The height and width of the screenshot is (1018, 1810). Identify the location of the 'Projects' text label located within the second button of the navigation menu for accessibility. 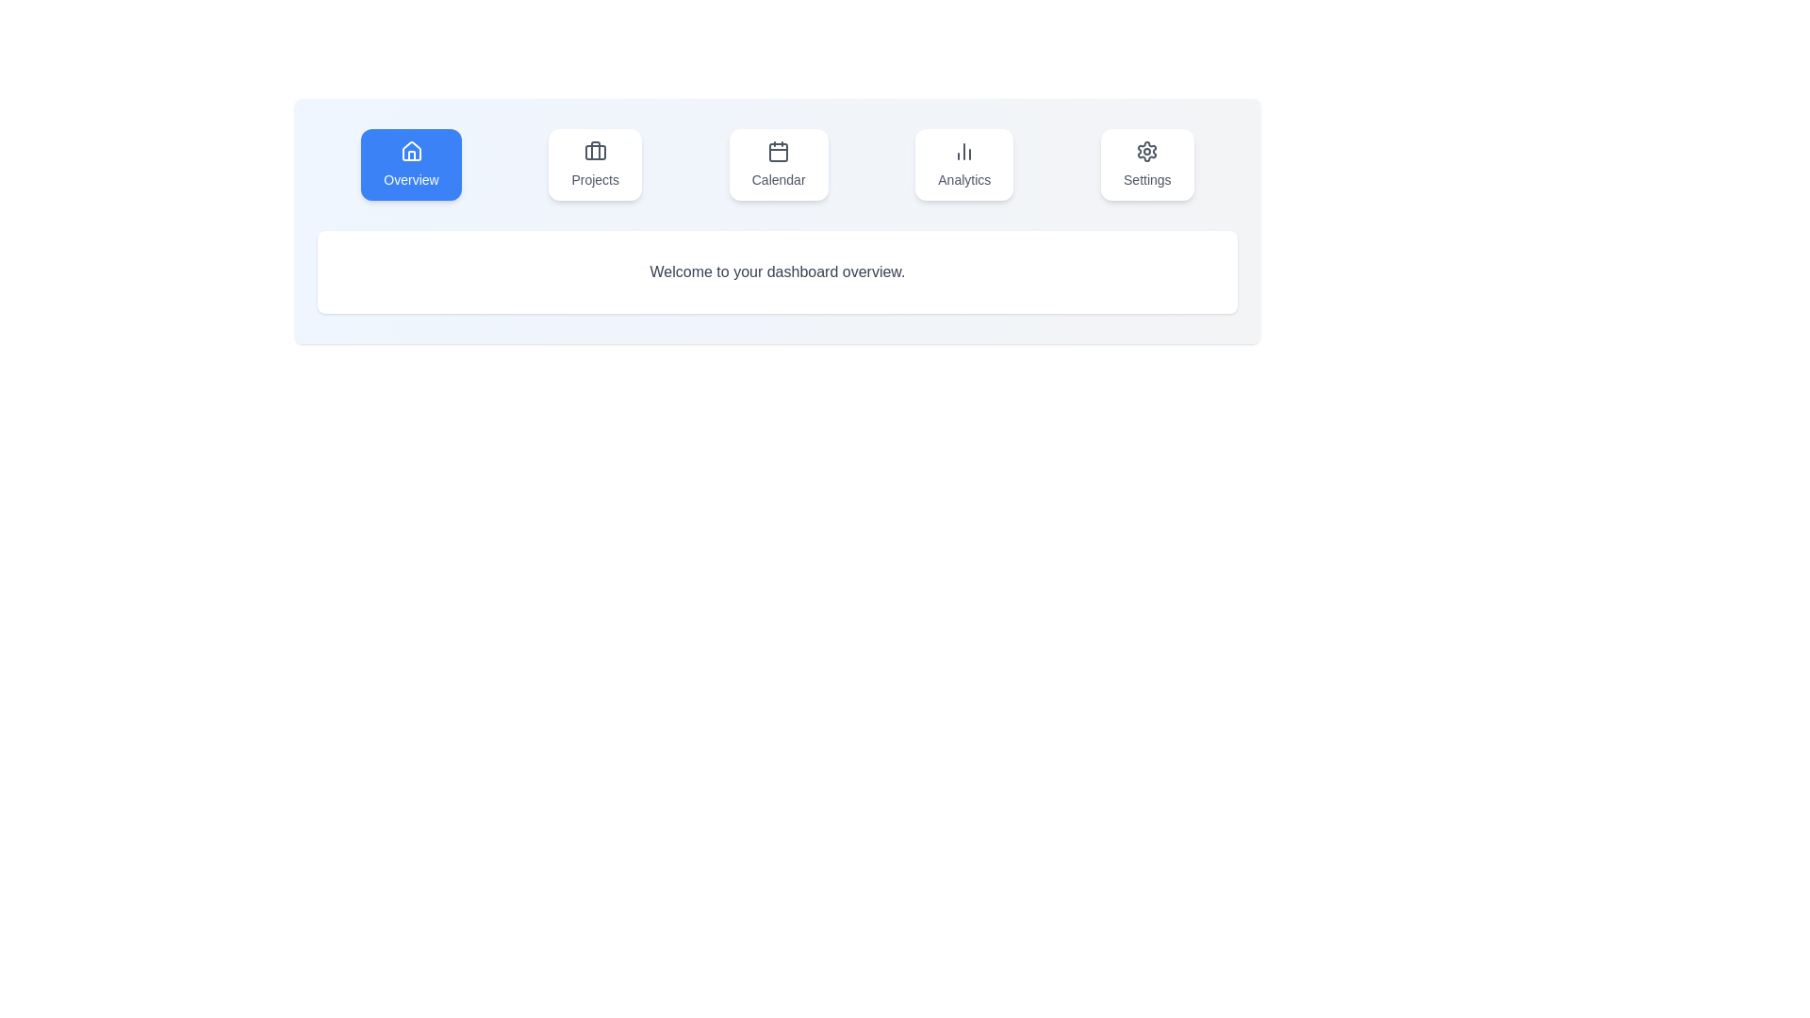
(594, 180).